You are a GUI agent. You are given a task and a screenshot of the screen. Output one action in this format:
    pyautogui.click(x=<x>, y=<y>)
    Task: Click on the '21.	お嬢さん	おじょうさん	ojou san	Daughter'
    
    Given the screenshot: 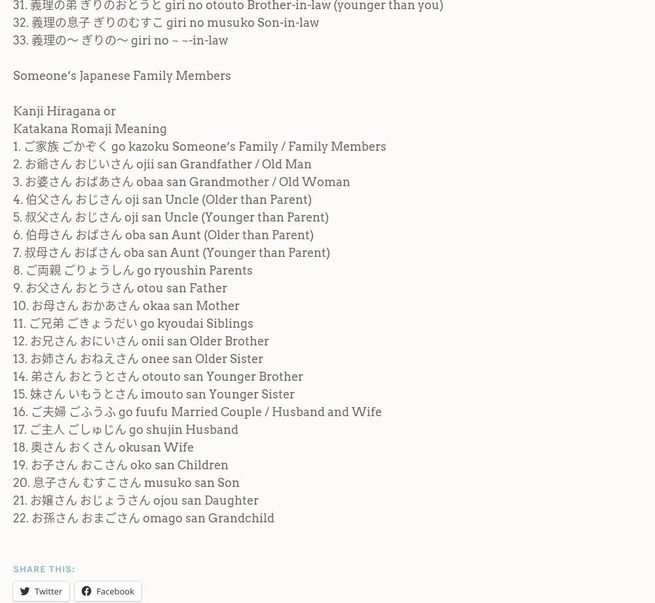 What is the action you would take?
    pyautogui.click(x=135, y=499)
    